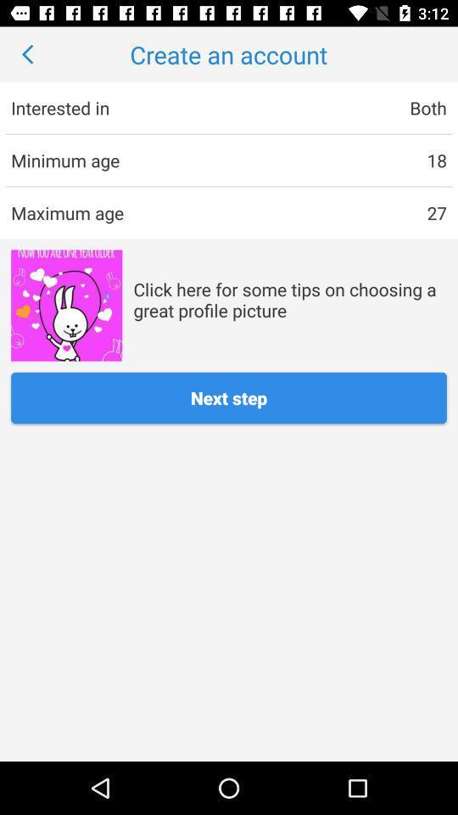 The width and height of the screenshot is (458, 815). What do you see at coordinates (65, 306) in the screenshot?
I see `item on the left` at bounding box center [65, 306].